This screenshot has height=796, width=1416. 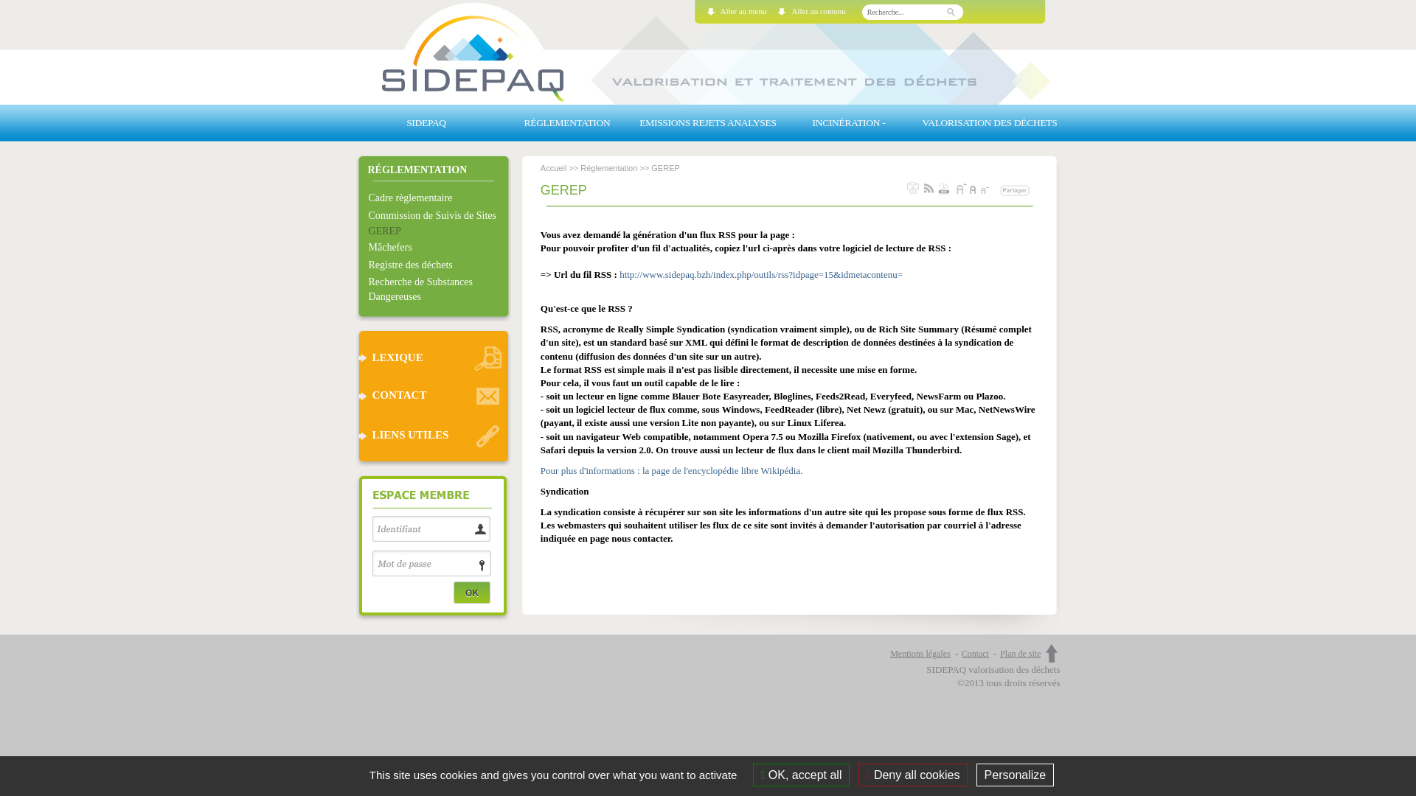 What do you see at coordinates (986, 186) in the screenshot?
I see `'Reduir le texte'` at bounding box center [986, 186].